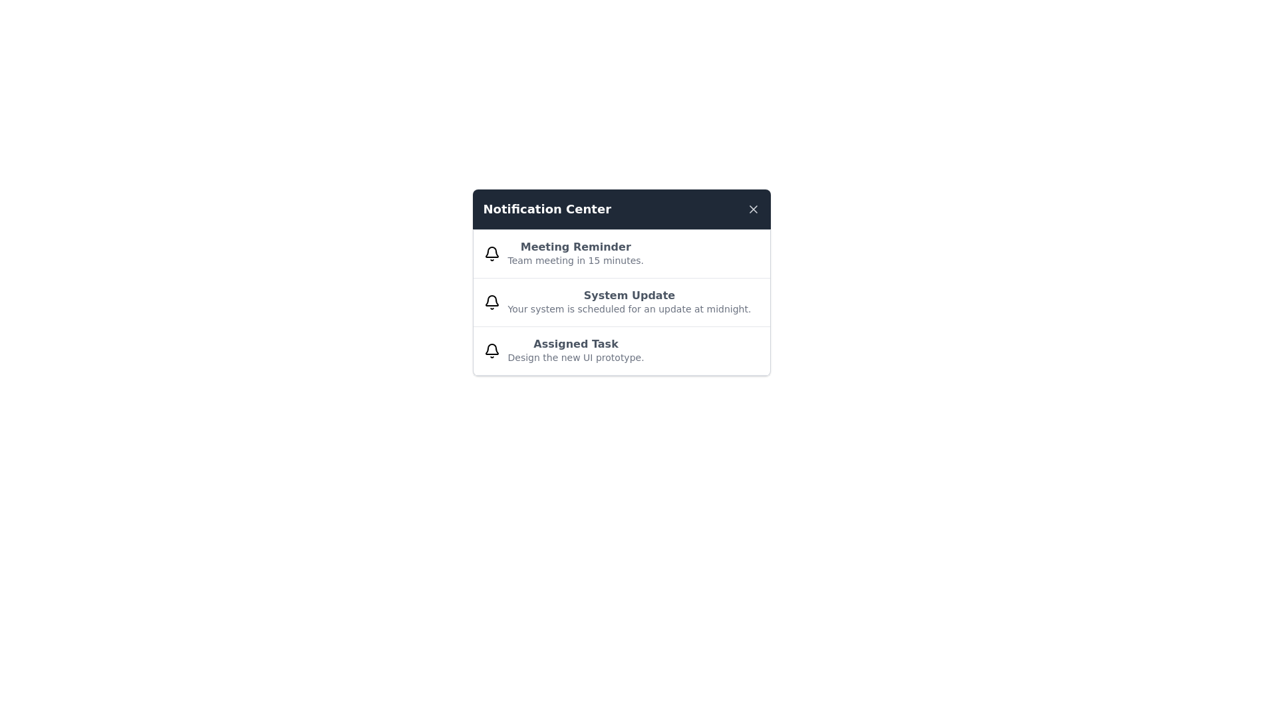 The width and height of the screenshot is (1277, 718). I want to click on text content of the 'System Update' text label, which is a bold, dark-gray label at the top of the second notification item in the notification card section, so click(629, 295).